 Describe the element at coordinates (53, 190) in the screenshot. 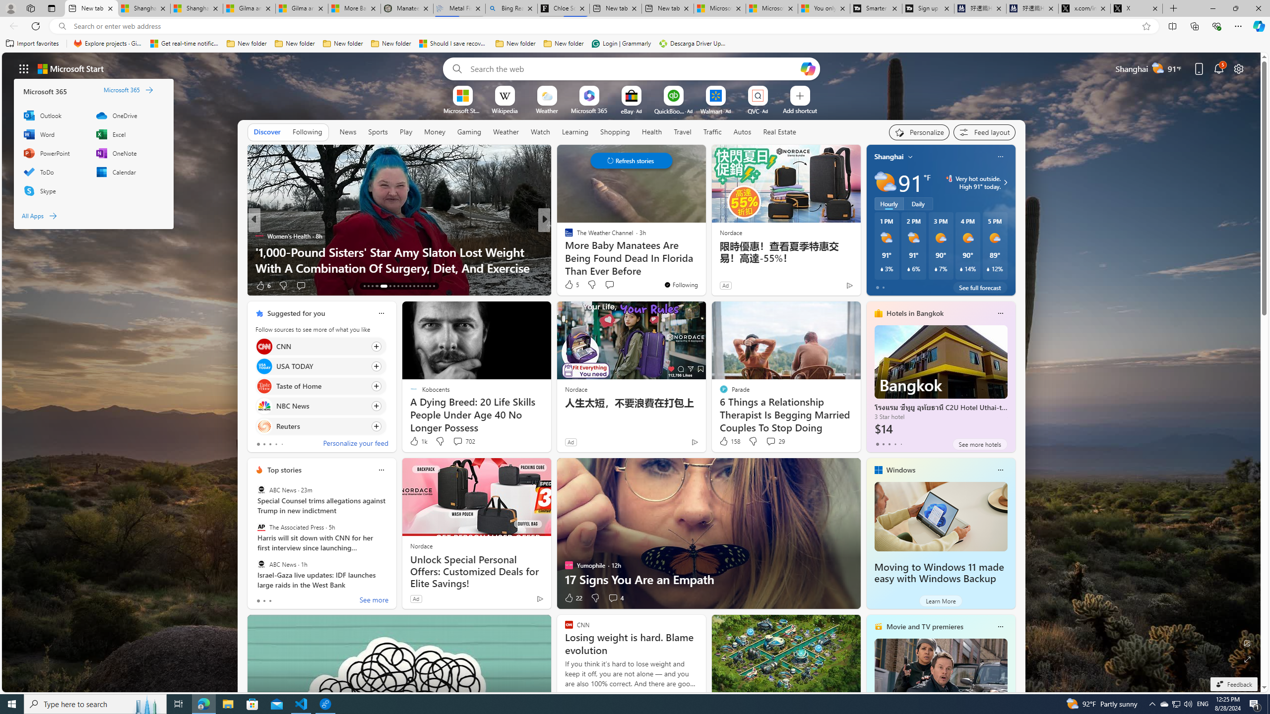

I see `'Skype'` at that location.